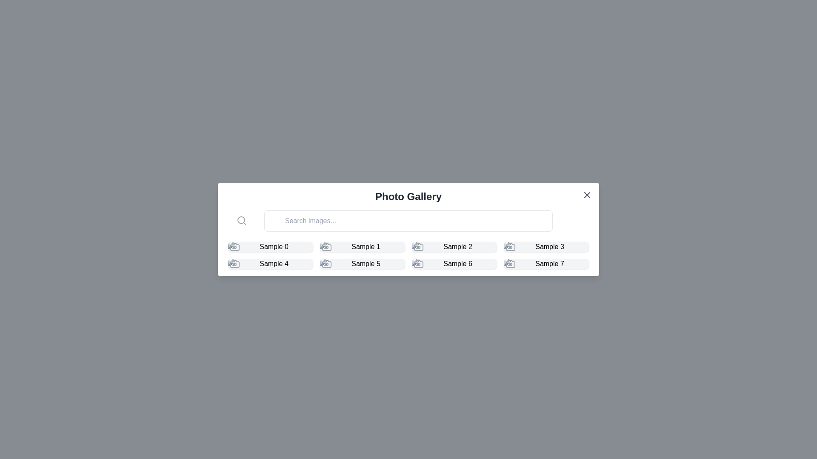  I want to click on camera icon located in the first column of the second row, associated with 'Sample 4', by clicking on it, so click(235, 263).